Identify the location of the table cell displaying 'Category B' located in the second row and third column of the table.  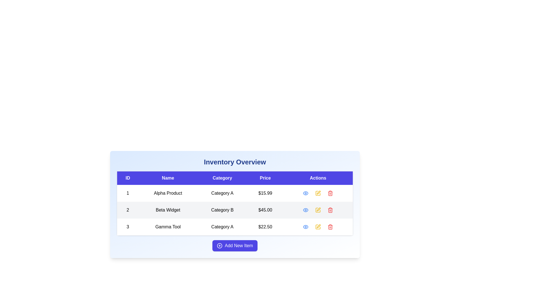
(235, 204).